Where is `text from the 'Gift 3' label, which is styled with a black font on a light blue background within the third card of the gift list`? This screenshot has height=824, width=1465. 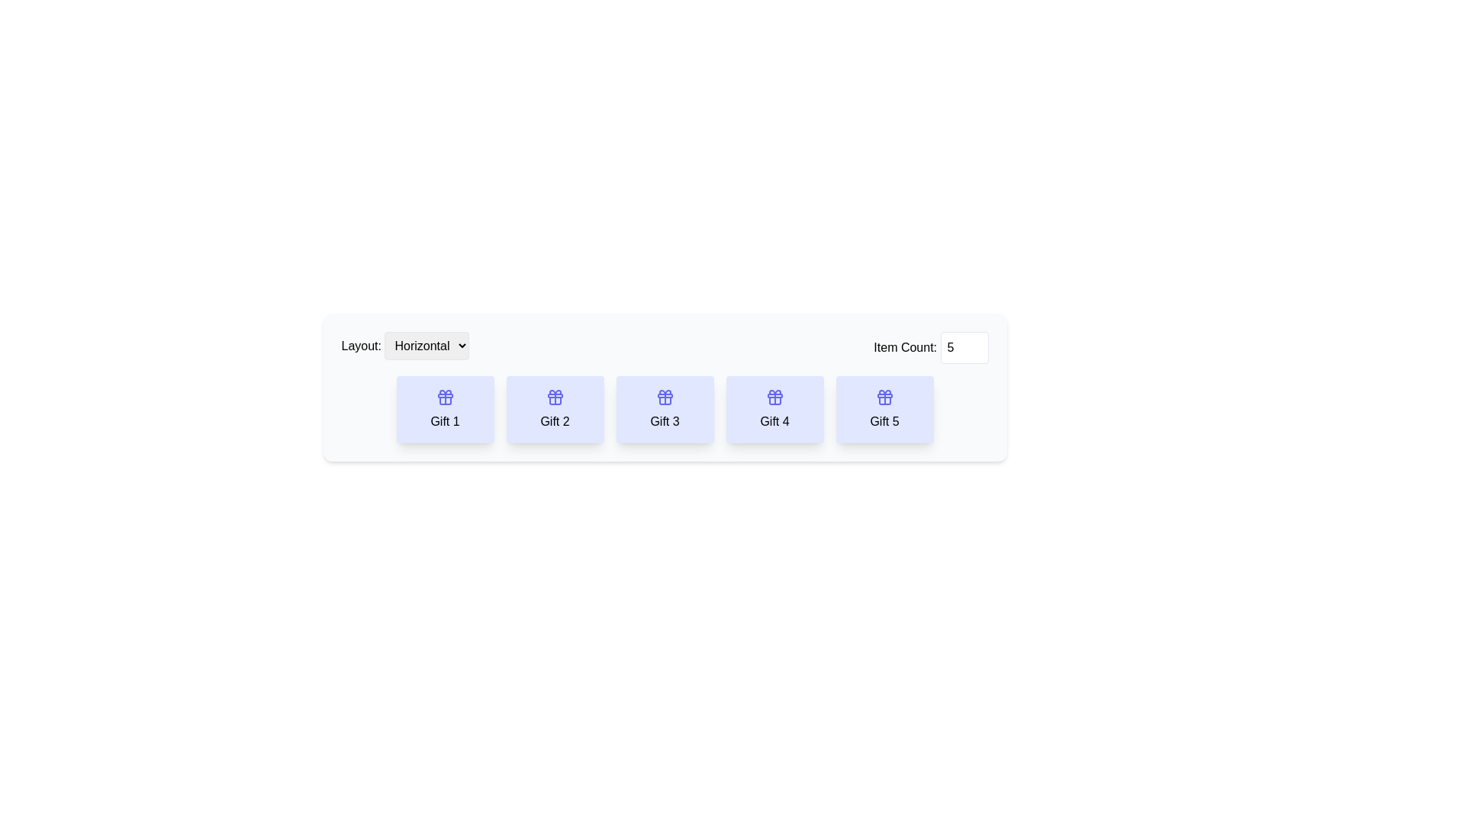 text from the 'Gift 3' label, which is styled with a black font on a light blue background within the third card of the gift list is located at coordinates (665, 421).